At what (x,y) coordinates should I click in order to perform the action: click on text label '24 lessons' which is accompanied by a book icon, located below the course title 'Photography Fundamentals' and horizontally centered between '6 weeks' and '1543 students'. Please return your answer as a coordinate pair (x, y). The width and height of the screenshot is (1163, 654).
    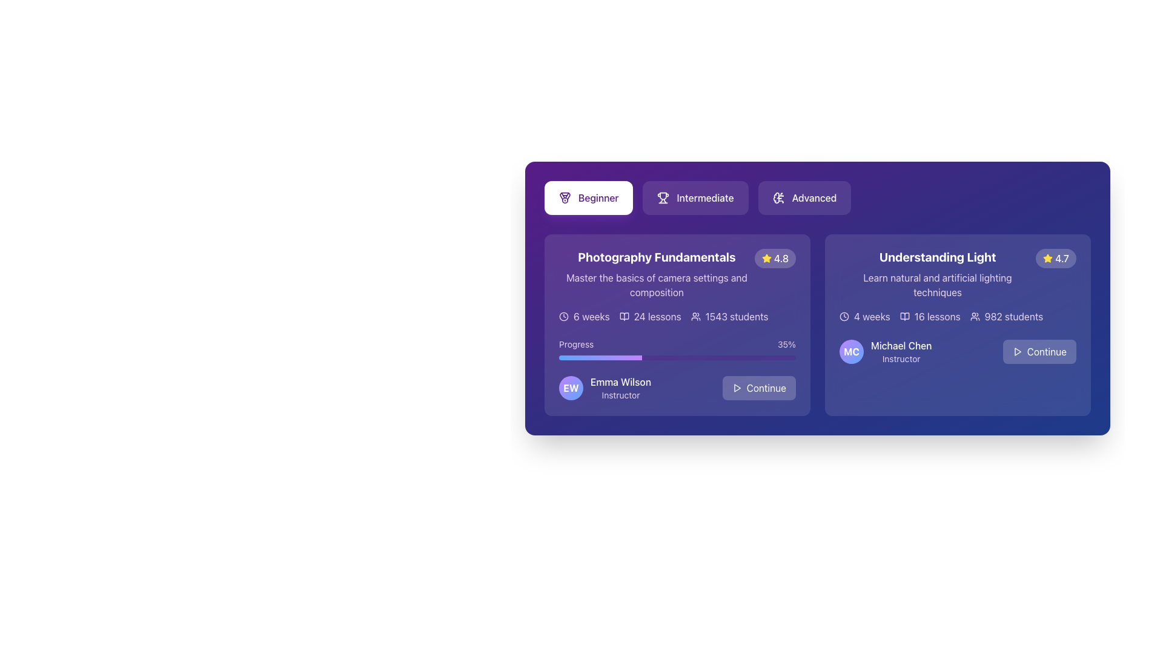
    Looking at the image, I should click on (649, 316).